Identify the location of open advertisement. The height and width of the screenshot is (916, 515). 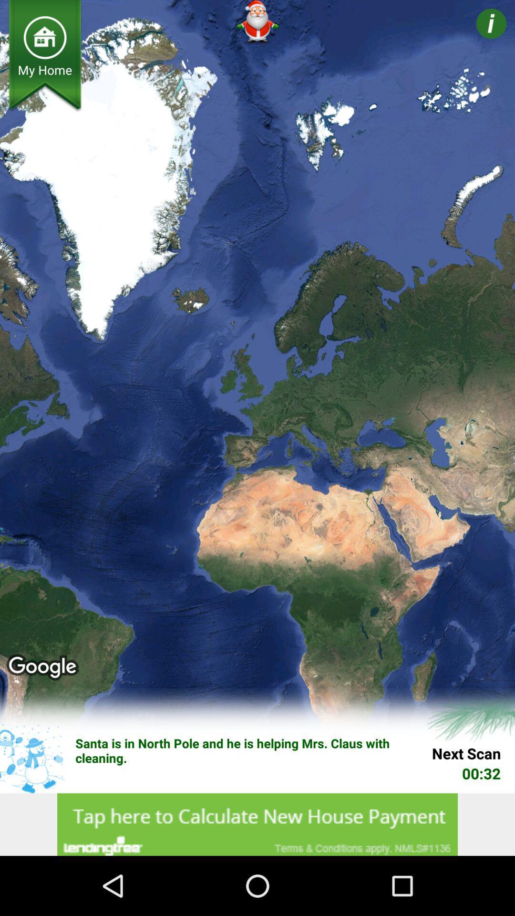
(257, 824).